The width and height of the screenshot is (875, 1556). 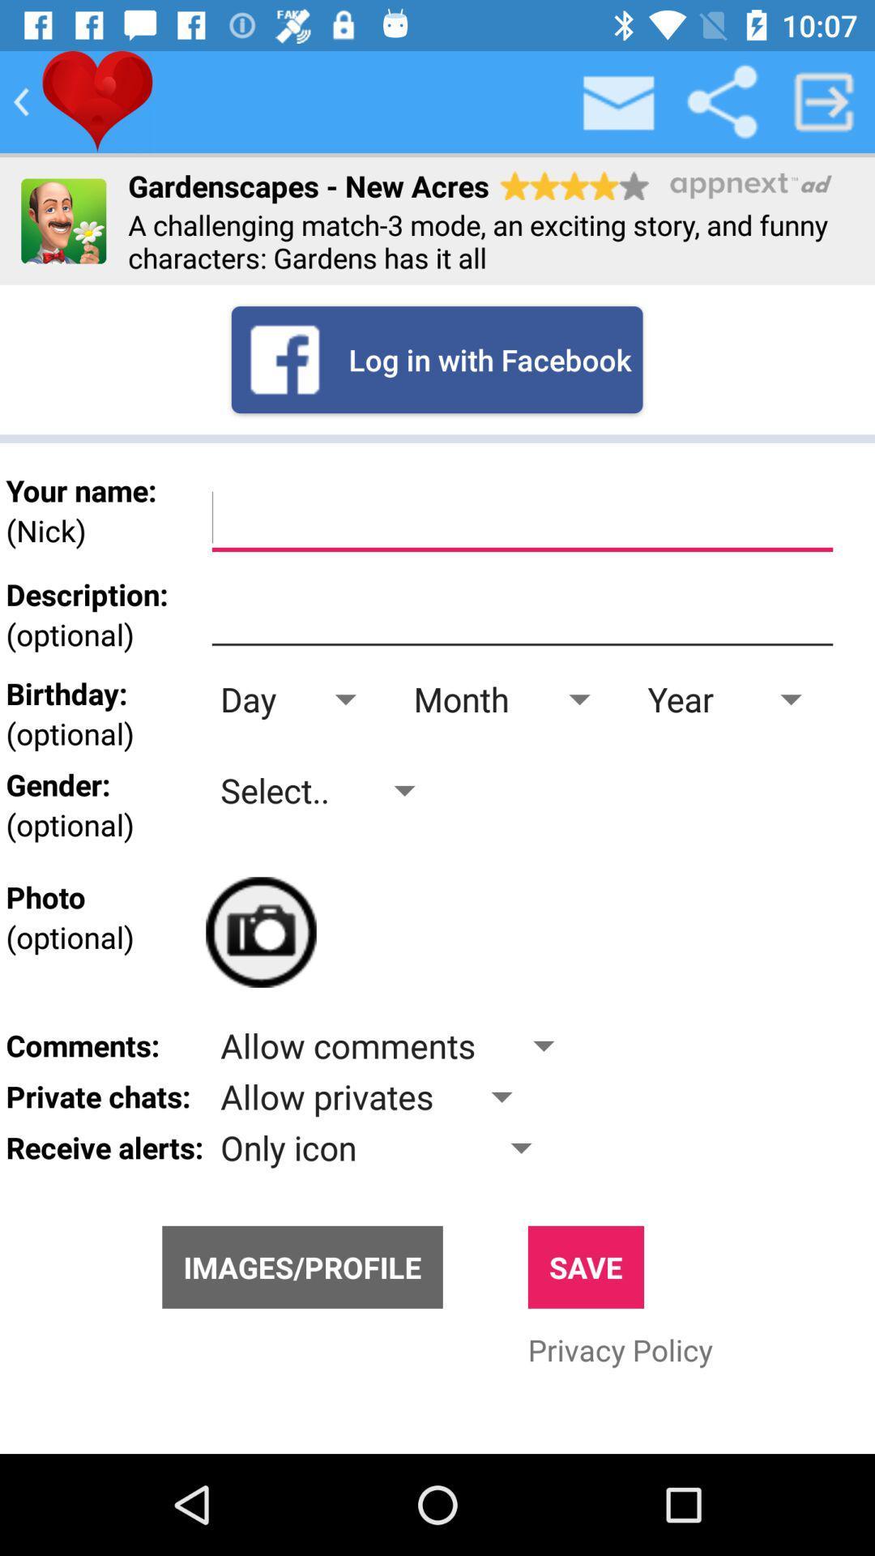 What do you see at coordinates (824, 100) in the screenshot?
I see `next` at bounding box center [824, 100].